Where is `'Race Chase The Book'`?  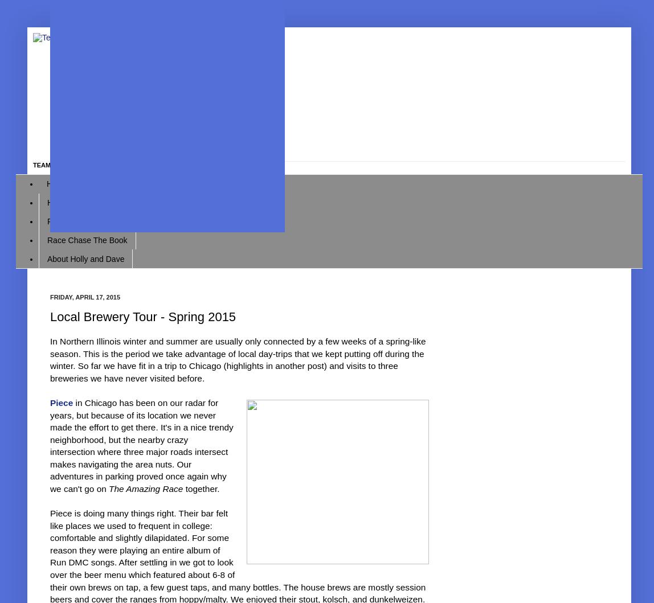
'Race Chase The Book' is located at coordinates (87, 239).